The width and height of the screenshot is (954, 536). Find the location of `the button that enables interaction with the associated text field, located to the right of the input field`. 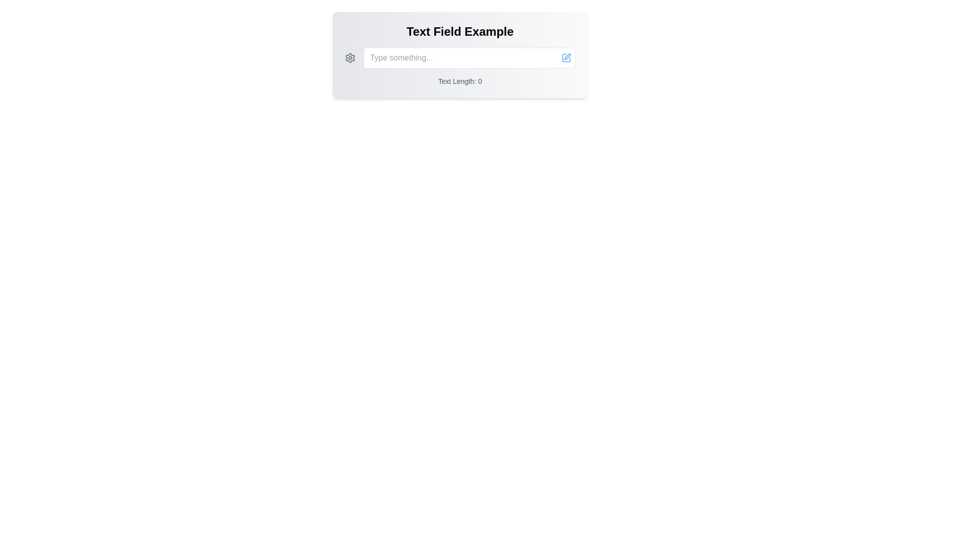

the button that enables interaction with the associated text field, located to the right of the input field is located at coordinates (566, 58).